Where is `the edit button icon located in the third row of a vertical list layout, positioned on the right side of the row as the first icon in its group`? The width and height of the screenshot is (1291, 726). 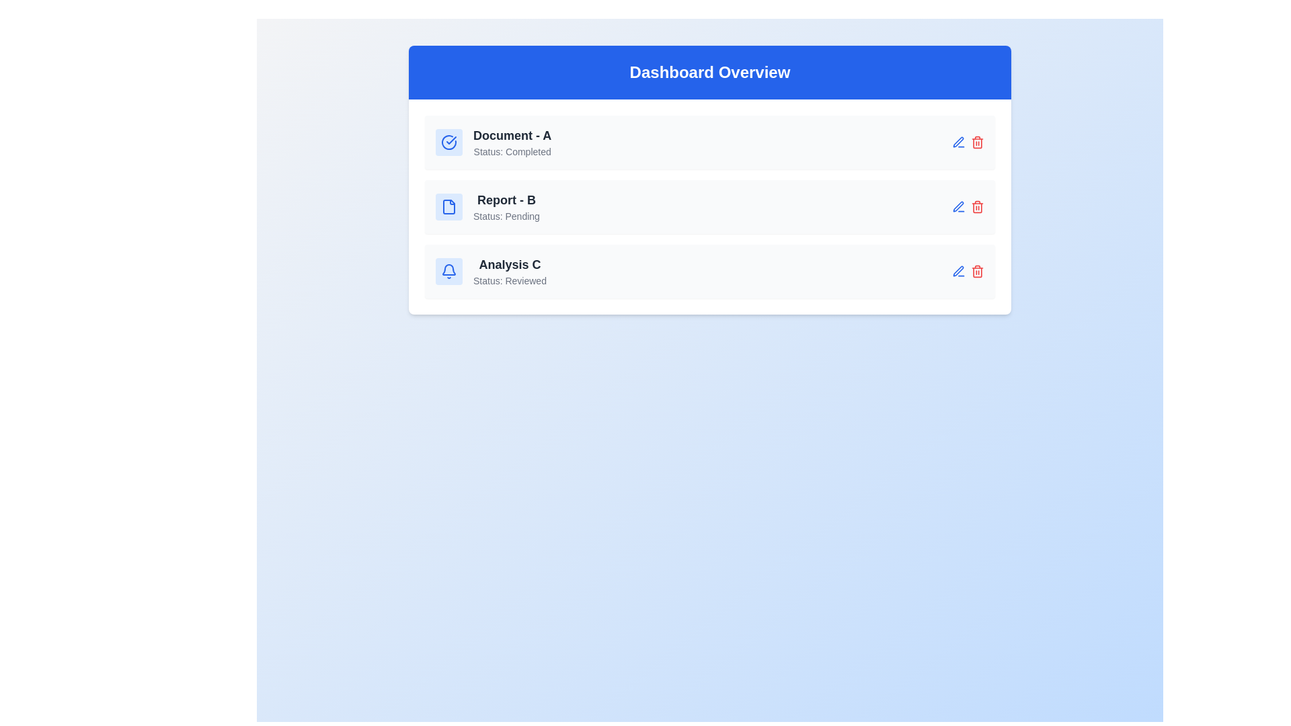
the edit button icon located in the third row of a vertical list layout, positioned on the right side of the row as the first icon in its group is located at coordinates (957, 207).